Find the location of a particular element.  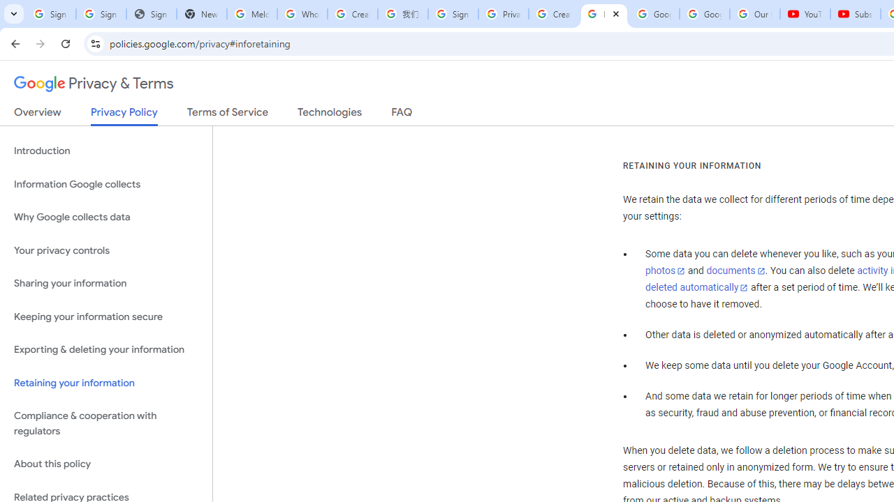

'Subscriptions - YouTube' is located at coordinates (854, 14).